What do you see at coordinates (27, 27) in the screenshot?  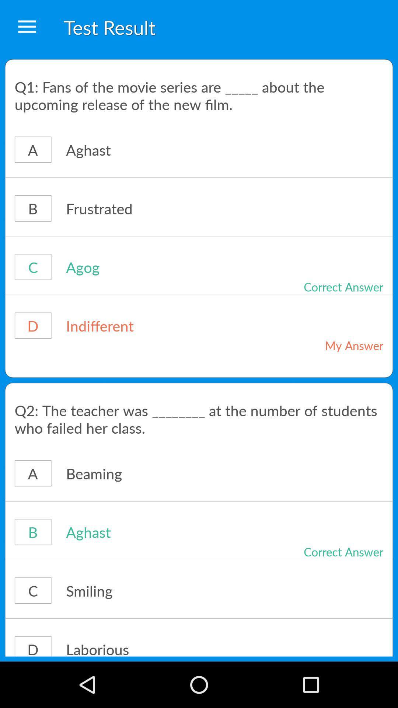 I see `the item above the q1 fans of` at bounding box center [27, 27].